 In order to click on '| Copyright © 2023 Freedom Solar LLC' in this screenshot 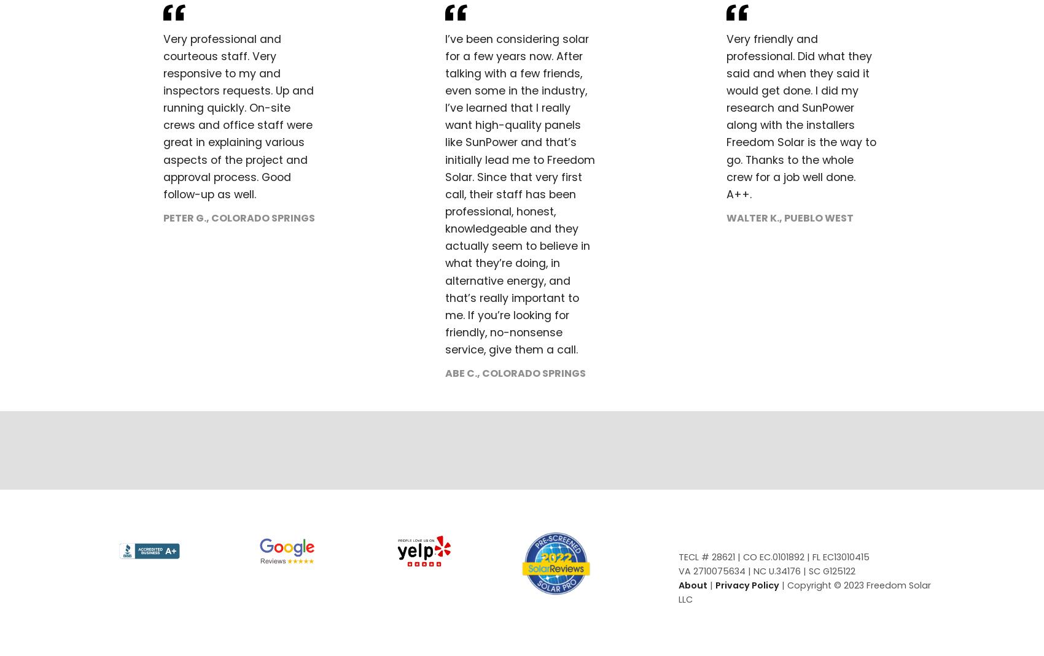, I will do `click(804, 592)`.